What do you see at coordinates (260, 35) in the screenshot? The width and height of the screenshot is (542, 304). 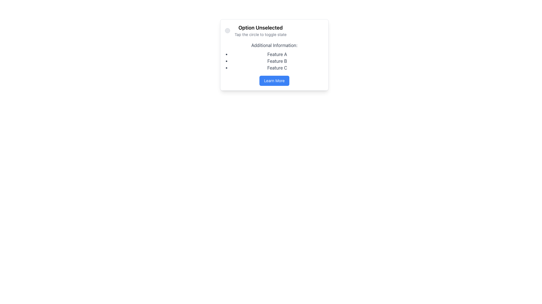 I see `instructions provided by the text element stating 'Tap the circle to toggle state,' which is positioned below the title 'Option Unselected' within a card-like interface` at bounding box center [260, 35].